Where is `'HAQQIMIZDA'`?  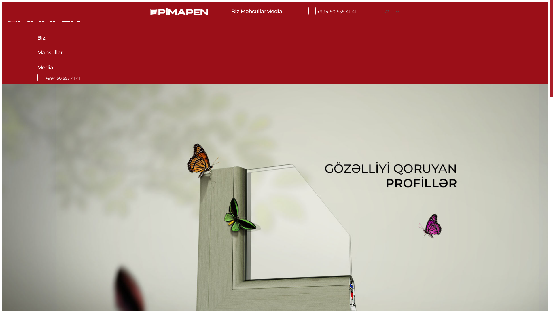
'HAQQIMIZDA' is located at coordinates (16, 17).